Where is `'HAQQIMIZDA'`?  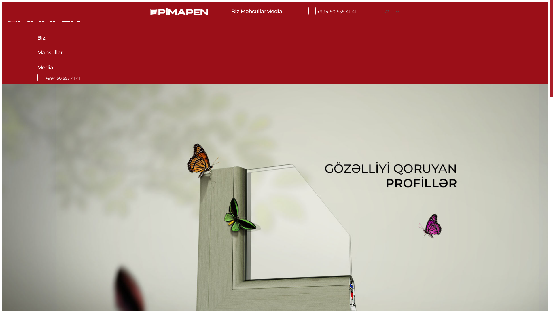
'HAQQIMIZDA' is located at coordinates (16, 17).